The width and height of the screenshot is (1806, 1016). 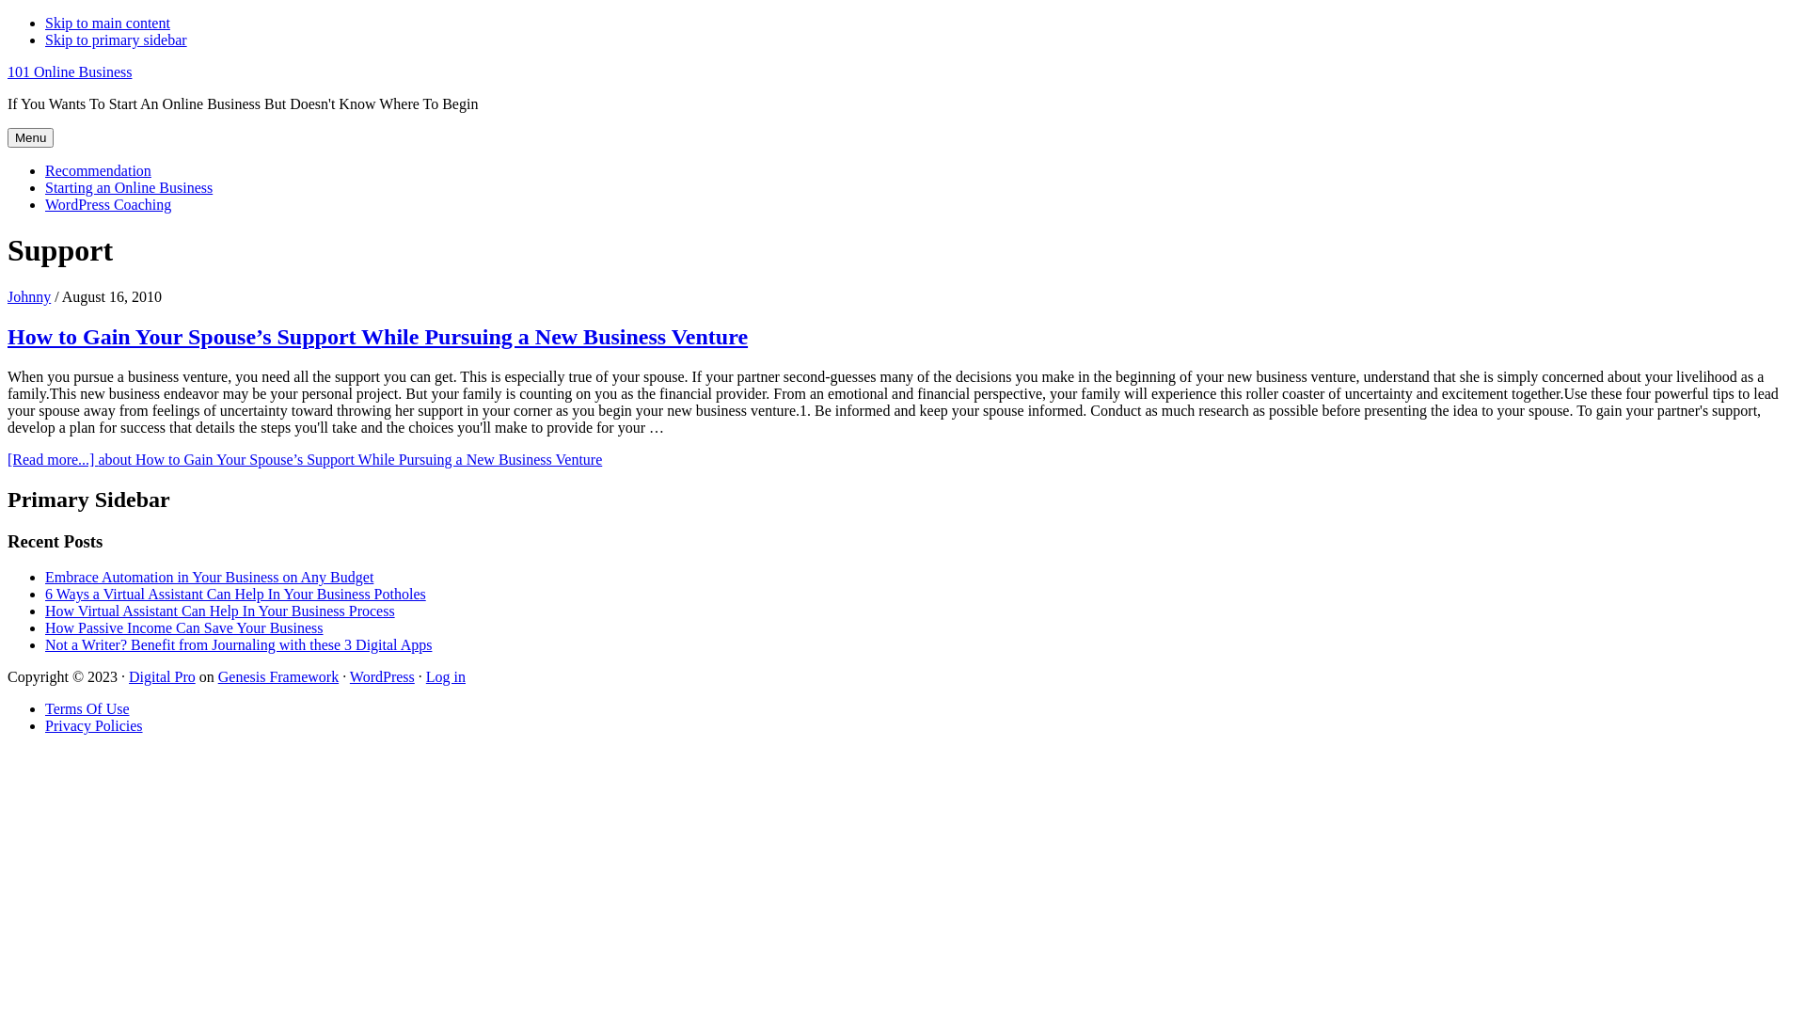 What do you see at coordinates (184, 627) in the screenshot?
I see `'How Passive Income Can Save Your Business'` at bounding box center [184, 627].